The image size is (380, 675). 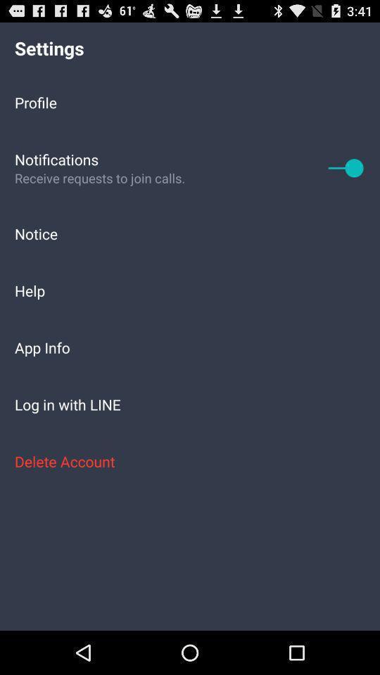 What do you see at coordinates (346, 167) in the screenshot?
I see `the app next to the receive requests to icon` at bounding box center [346, 167].